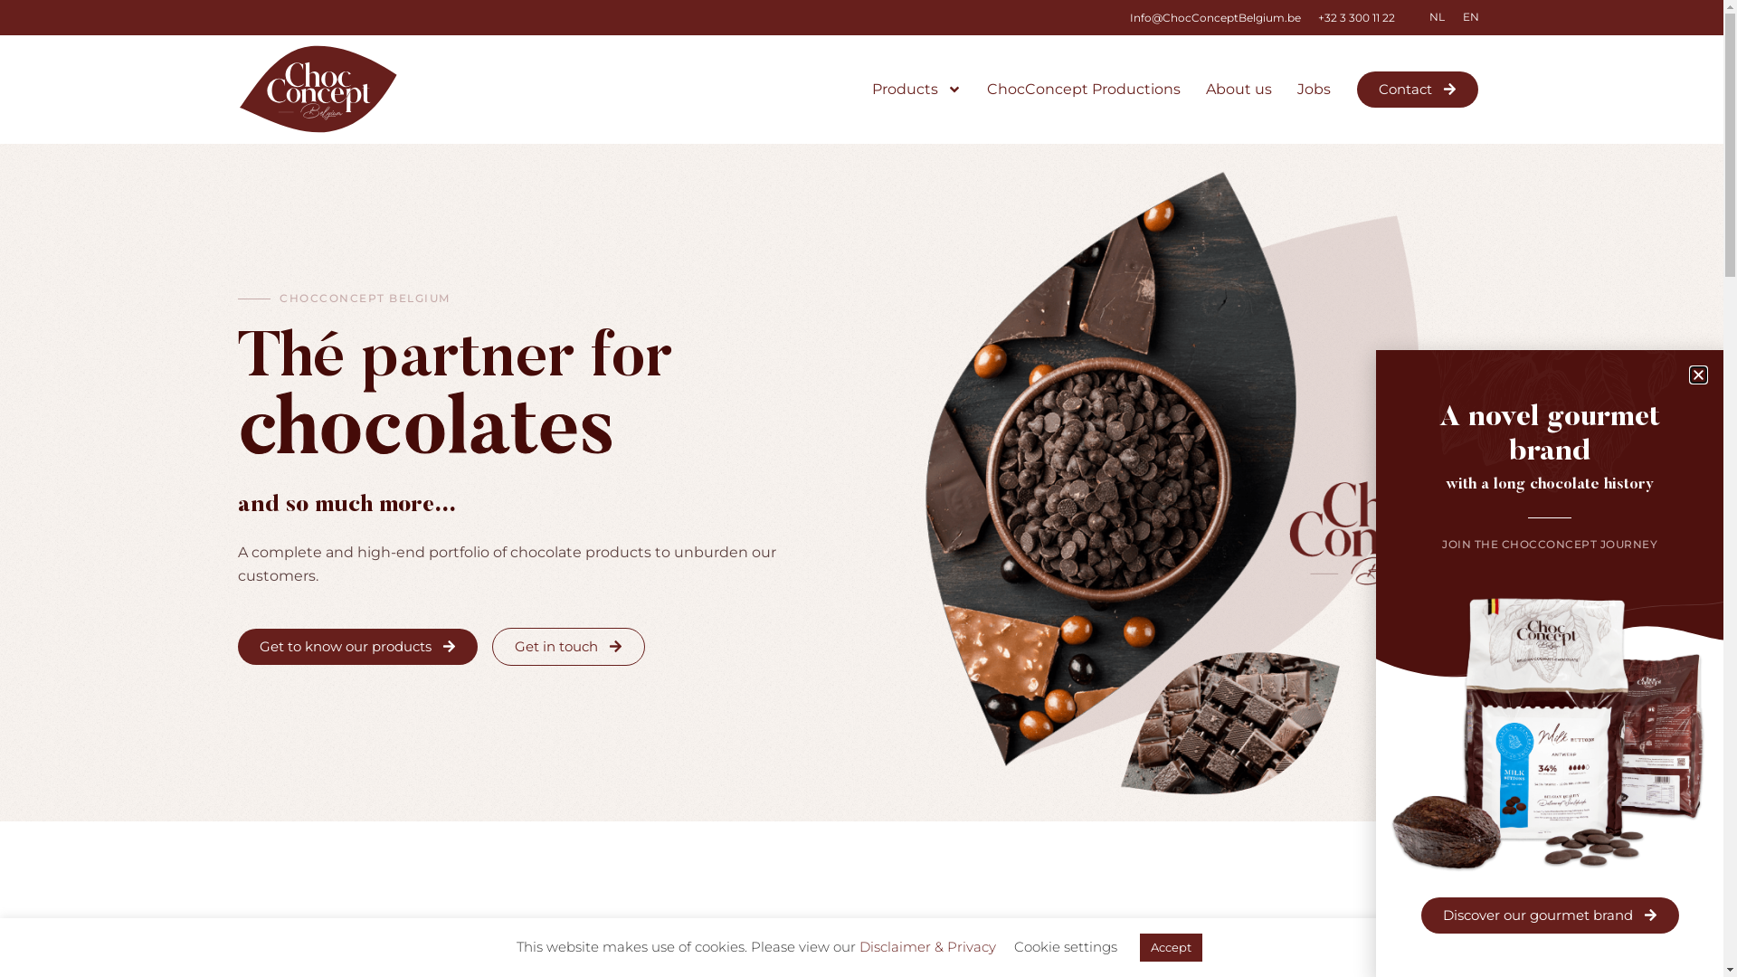 Image resolution: width=1737 pixels, height=977 pixels. What do you see at coordinates (1355, 17) in the screenshot?
I see `'+32 3 300 11 22'` at bounding box center [1355, 17].